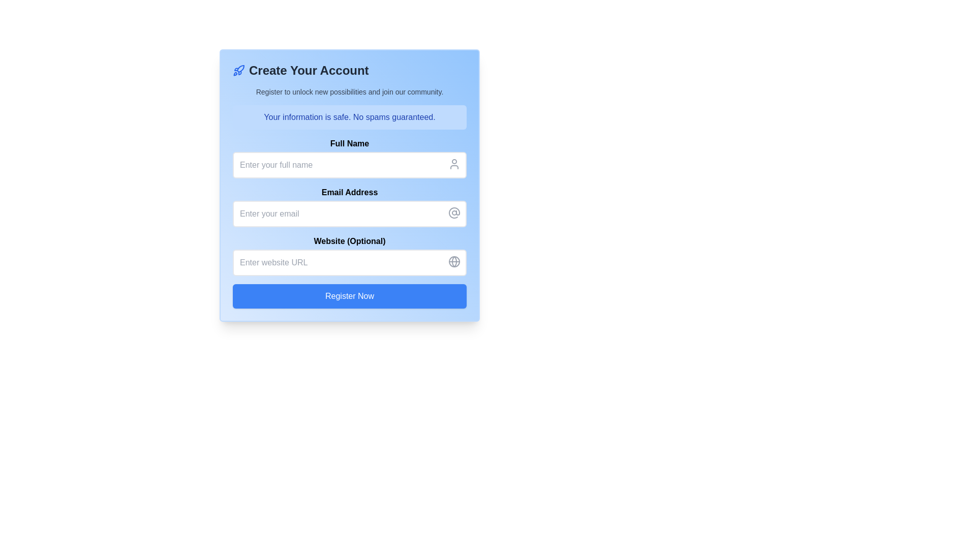 This screenshot has height=549, width=976. What do you see at coordinates (349, 92) in the screenshot?
I see `the text label that contains the message 'Register to unlock new possibilities and join our community.' located centrally below the header 'Create Your Account'` at bounding box center [349, 92].